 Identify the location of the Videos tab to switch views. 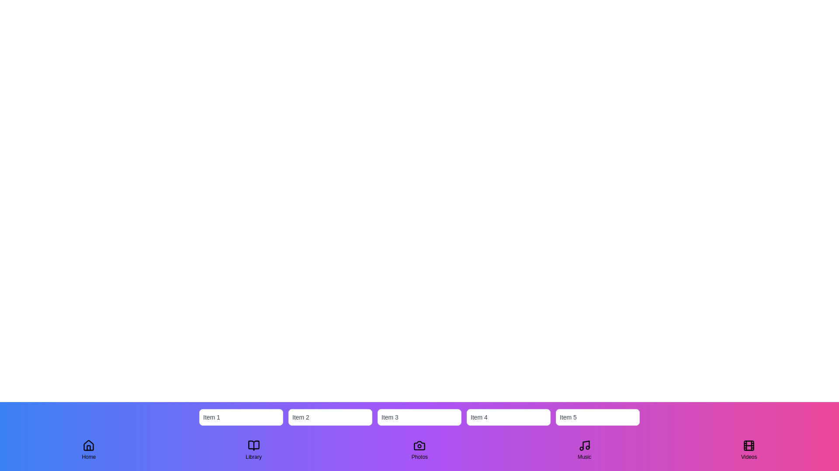
(748, 450).